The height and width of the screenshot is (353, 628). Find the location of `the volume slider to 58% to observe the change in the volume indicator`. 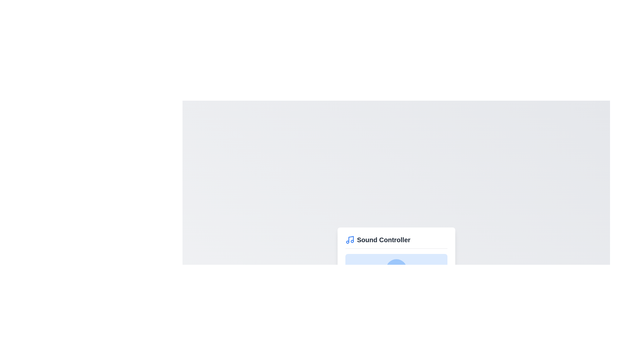

the volume slider to 58% to observe the change in the volume indicator is located at coordinates (404, 293).